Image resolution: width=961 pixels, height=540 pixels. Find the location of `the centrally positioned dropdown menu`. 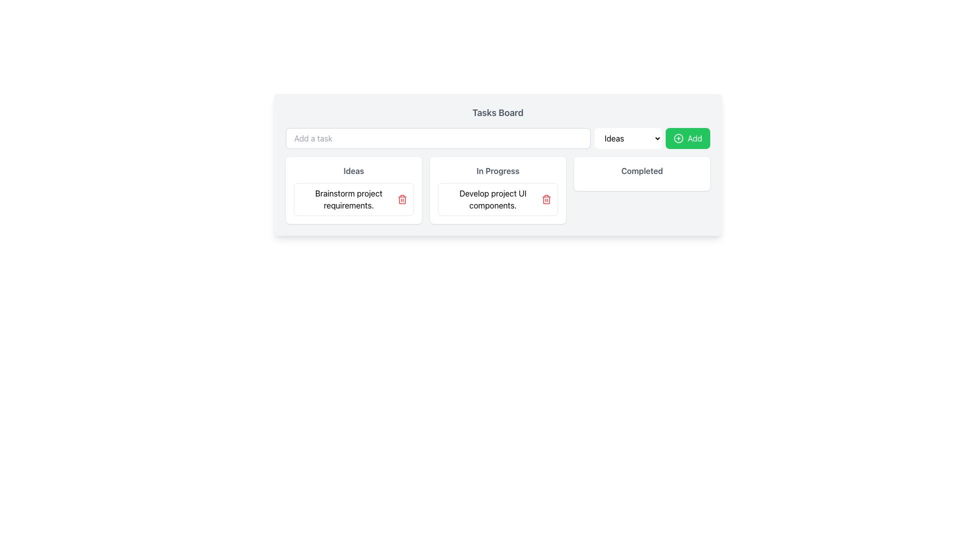

the centrally positioned dropdown menu is located at coordinates (627, 138).